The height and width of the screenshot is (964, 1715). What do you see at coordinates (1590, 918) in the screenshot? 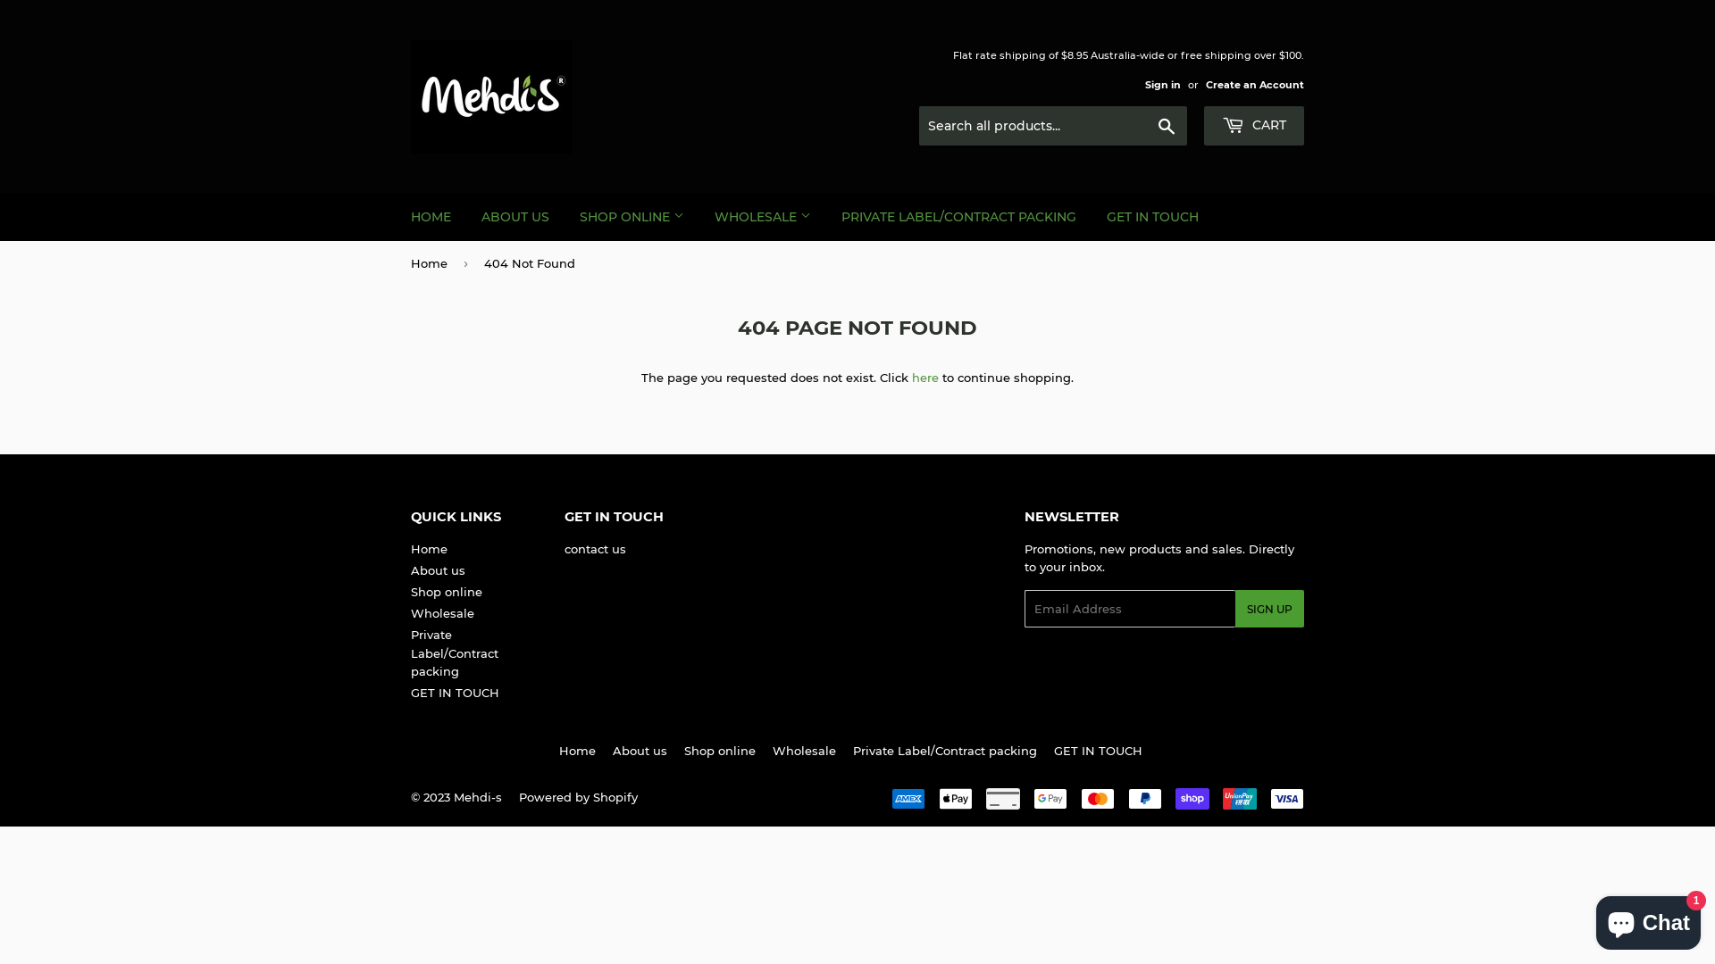
I see `'Shopify online store chat'` at bounding box center [1590, 918].